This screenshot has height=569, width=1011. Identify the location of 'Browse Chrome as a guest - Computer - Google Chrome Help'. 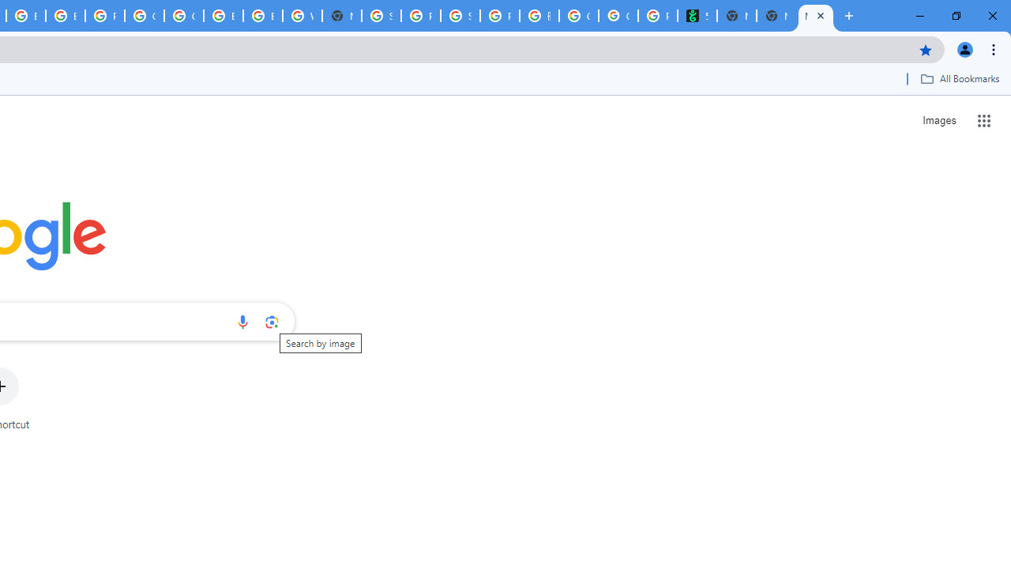
(223, 16).